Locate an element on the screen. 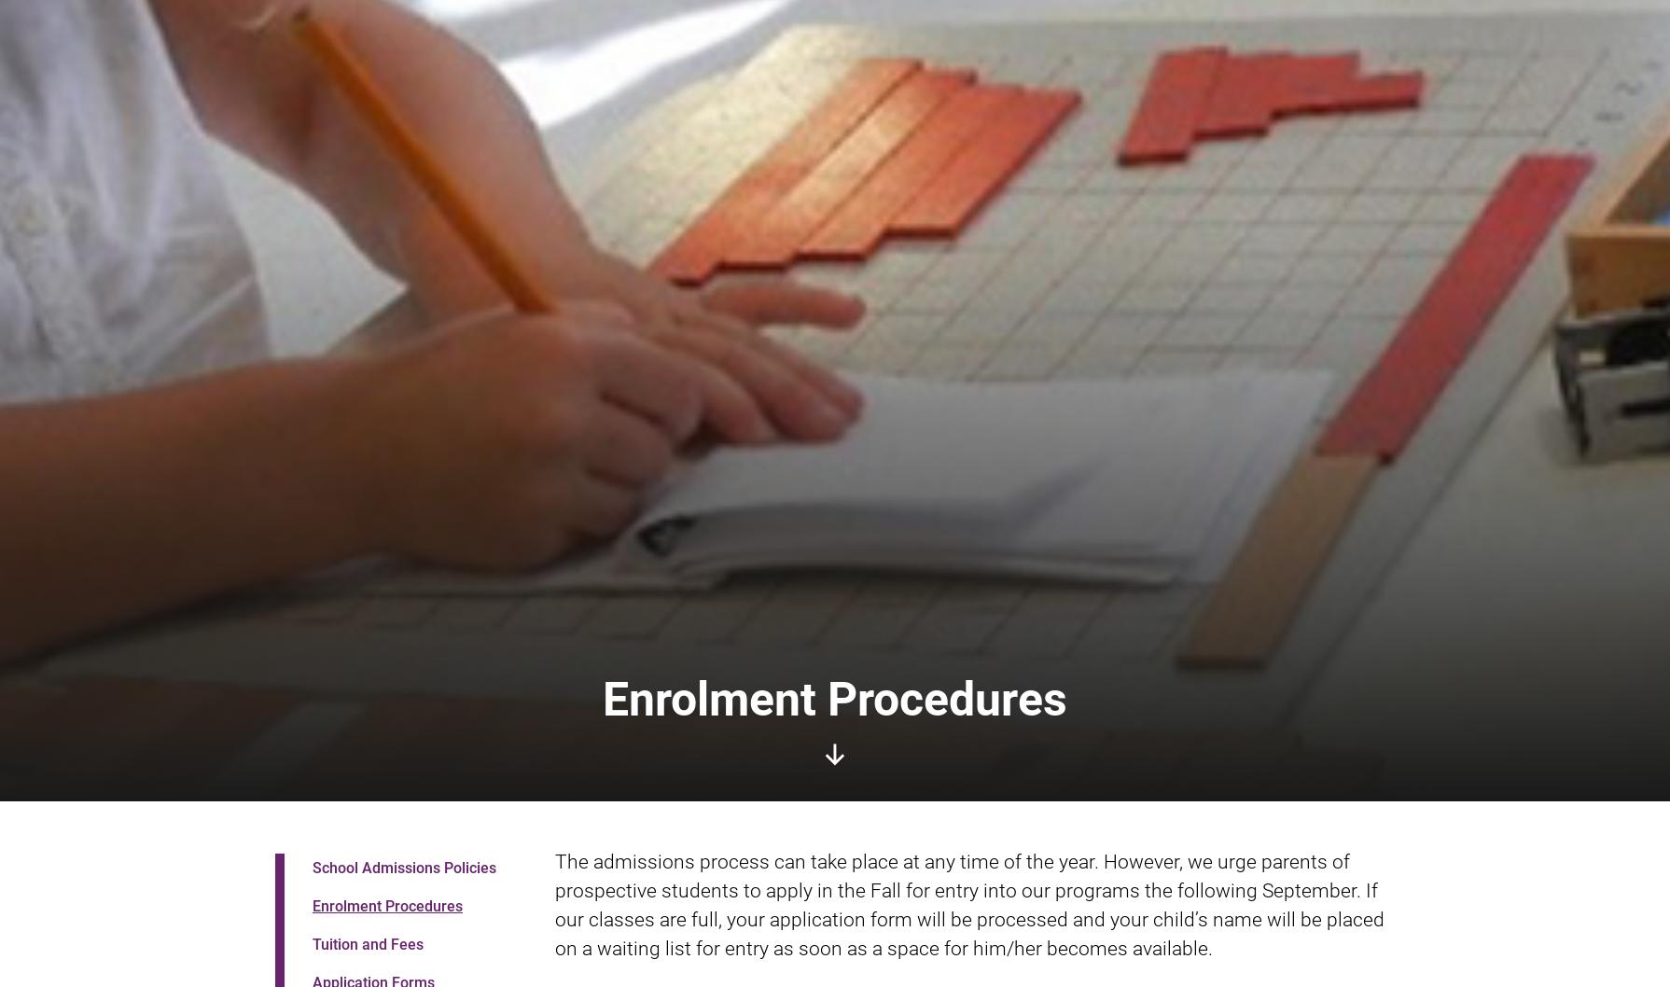 The width and height of the screenshot is (1670, 987). '(613) 237-3824' is located at coordinates (883, 719).